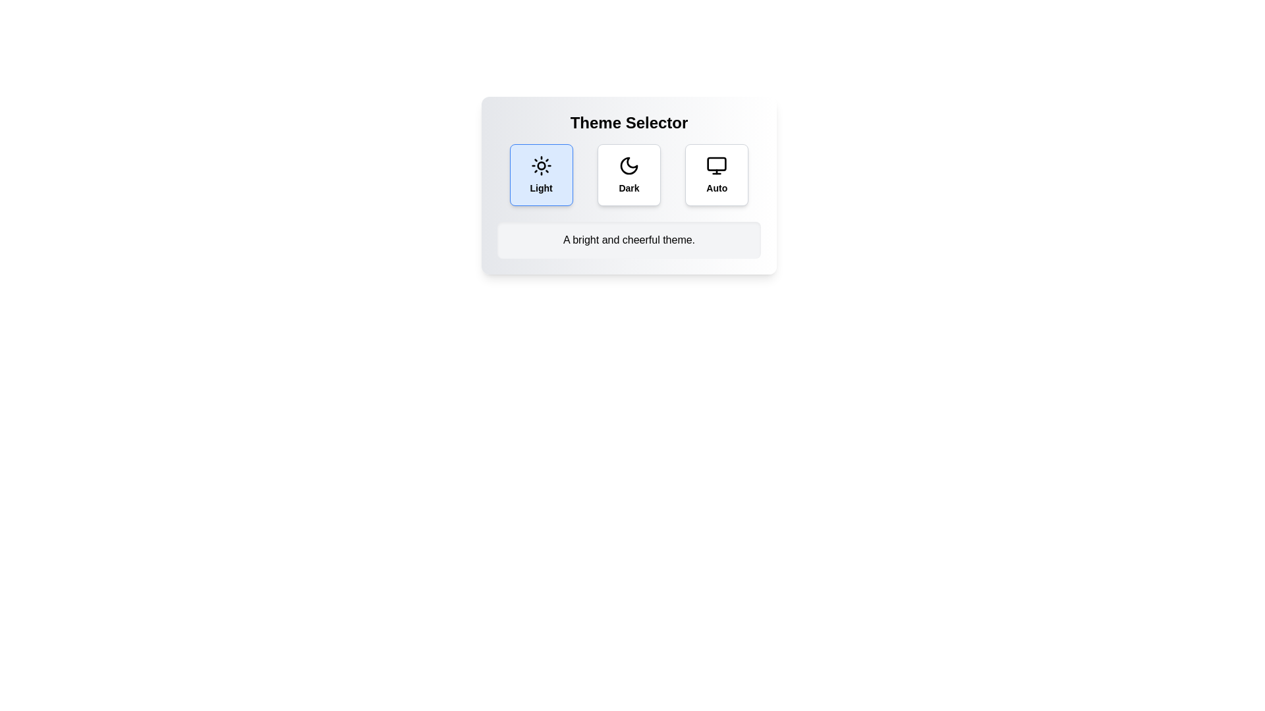 Image resolution: width=1265 pixels, height=711 pixels. Describe the element at coordinates (716, 174) in the screenshot. I see `the theme Auto by clicking on its button` at that location.